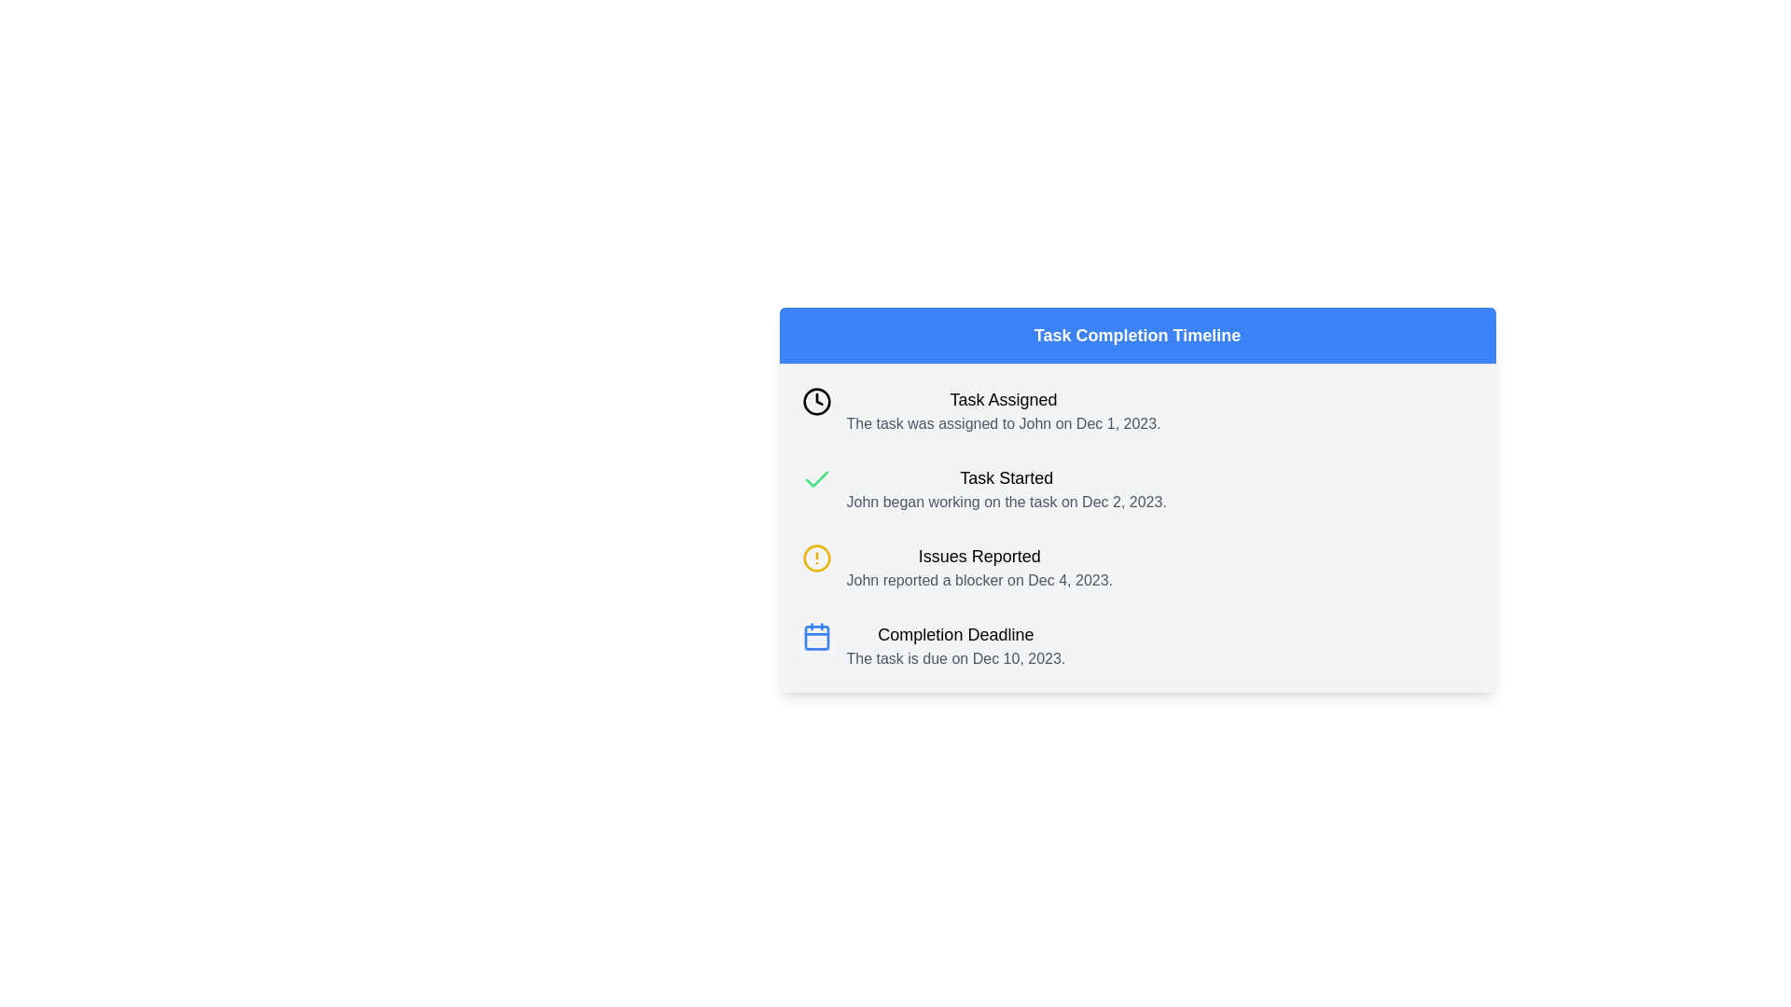  Describe the element at coordinates (955, 634) in the screenshot. I see `text label indicating the completion deadline for the task, which is located in the 'Task Completion Timeline' panel, positioned above the smaller descriptive text and aligned with a calendar icon` at that location.